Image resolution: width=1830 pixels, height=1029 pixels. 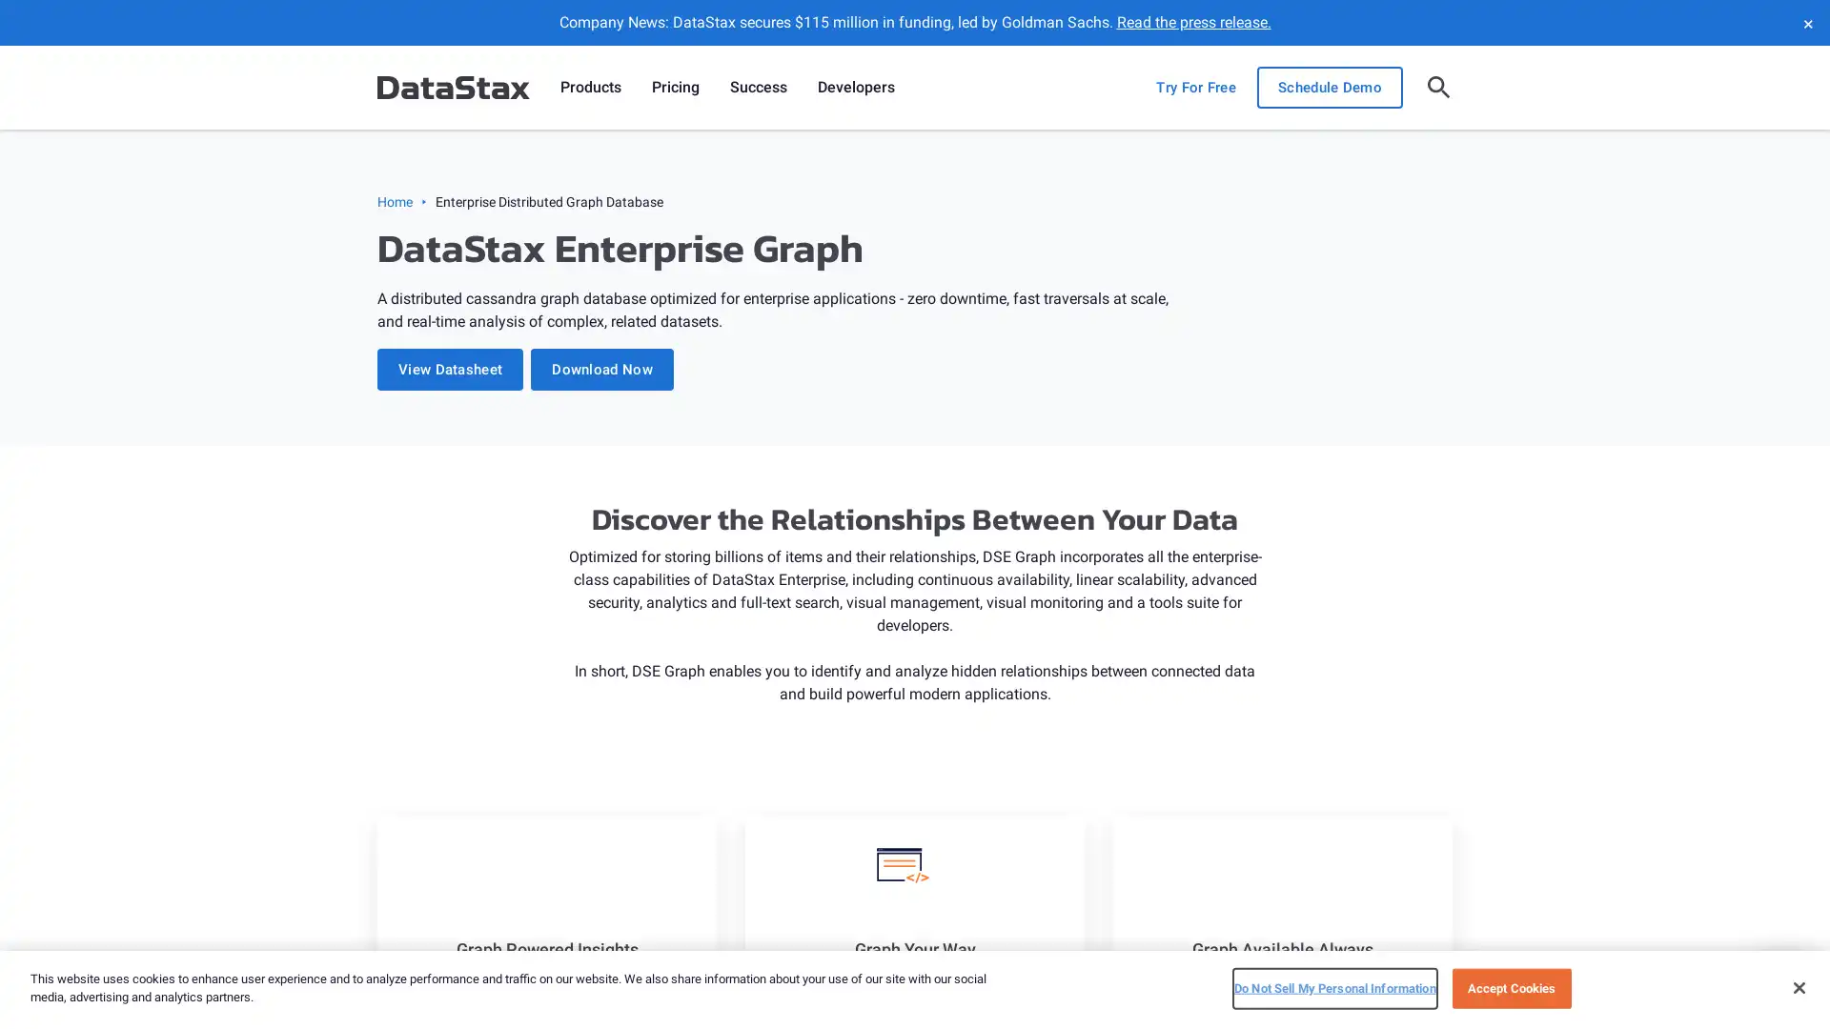 I want to click on Developers, so click(x=855, y=88).